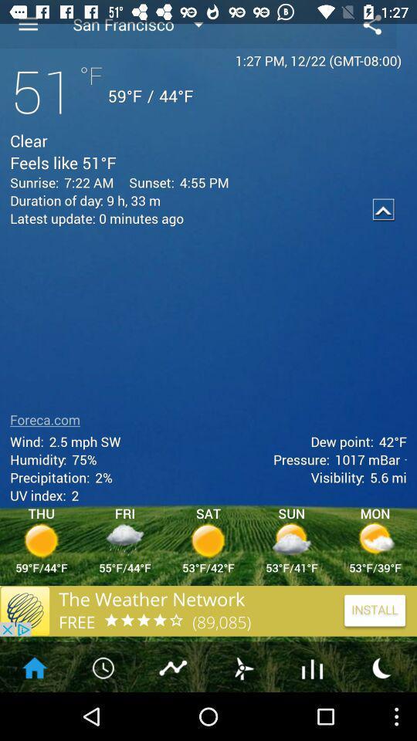 This screenshot has height=741, width=417. What do you see at coordinates (34, 714) in the screenshot?
I see `the home icon` at bounding box center [34, 714].